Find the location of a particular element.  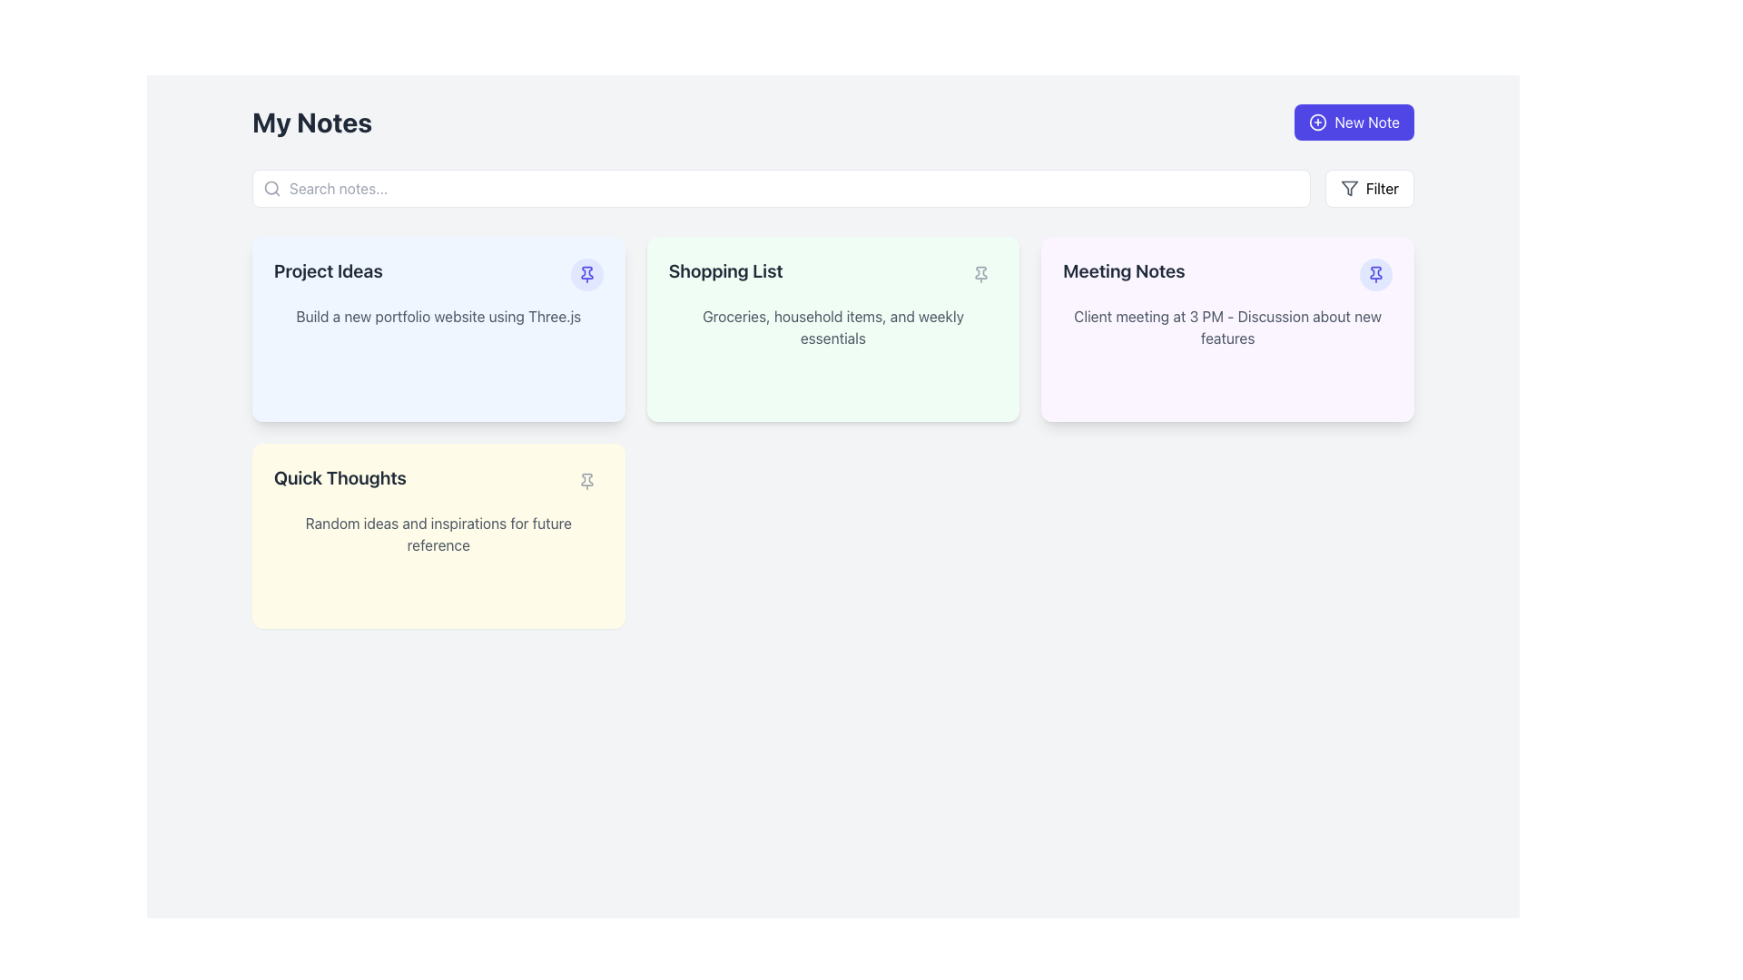

the small vector graphic element representing an elongated shape with slight curvature at the ends, located inside the light green 'Shopping List' note card is located at coordinates (982, 386).